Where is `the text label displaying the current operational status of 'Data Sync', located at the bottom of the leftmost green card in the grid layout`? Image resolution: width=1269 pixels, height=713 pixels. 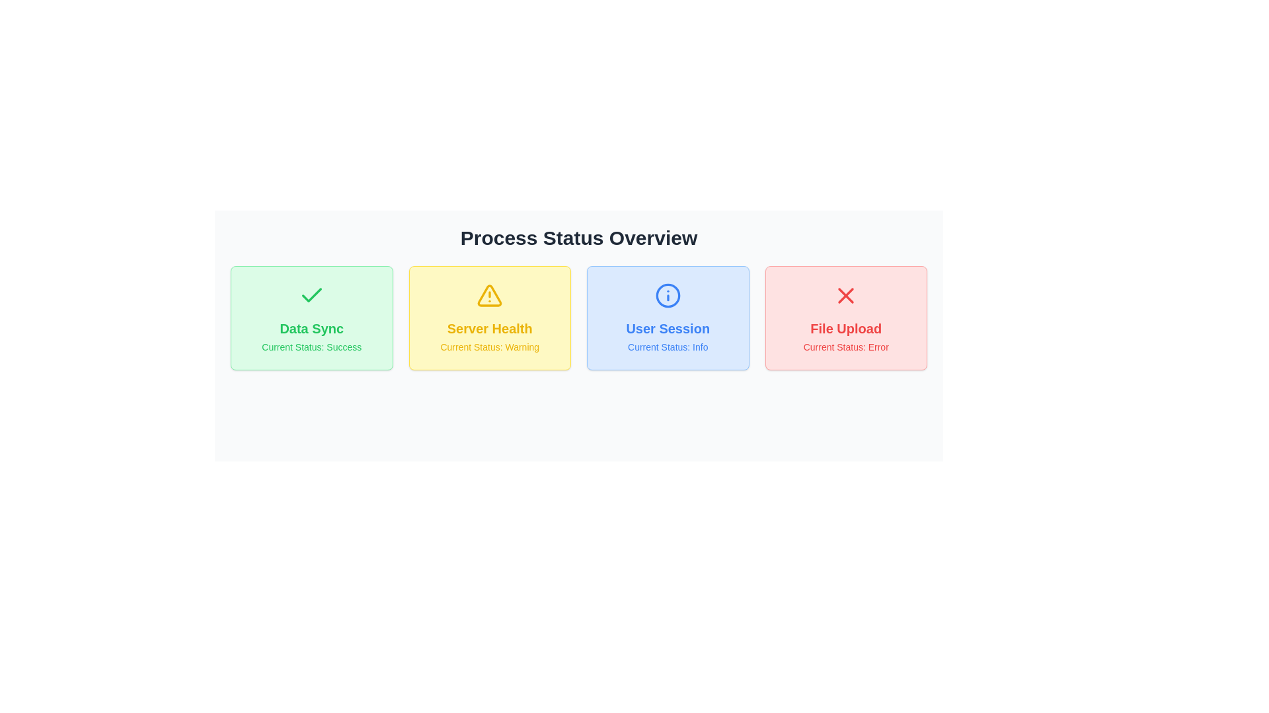 the text label displaying the current operational status of 'Data Sync', located at the bottom of the leftmost green card in the grid layout is located at coordinates (311, 346).